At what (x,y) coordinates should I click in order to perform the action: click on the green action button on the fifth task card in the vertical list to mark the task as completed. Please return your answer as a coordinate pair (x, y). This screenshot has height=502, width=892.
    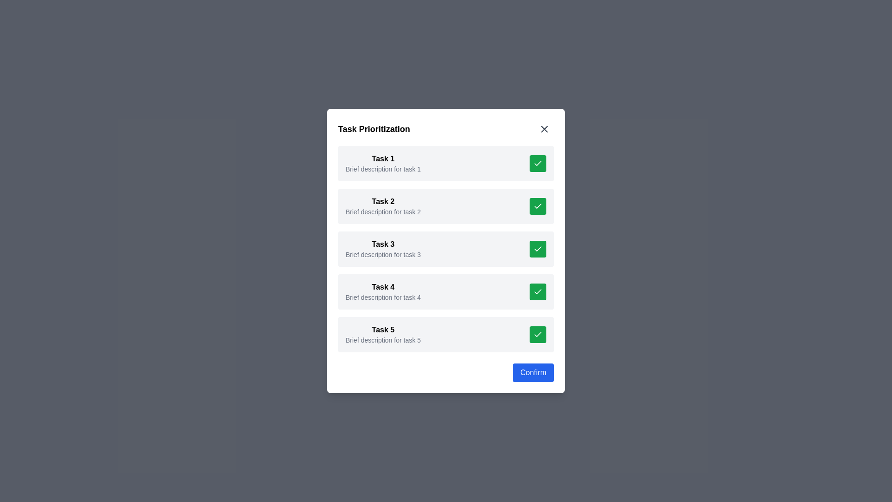
    Looking at the image, I should click on (446, 335).